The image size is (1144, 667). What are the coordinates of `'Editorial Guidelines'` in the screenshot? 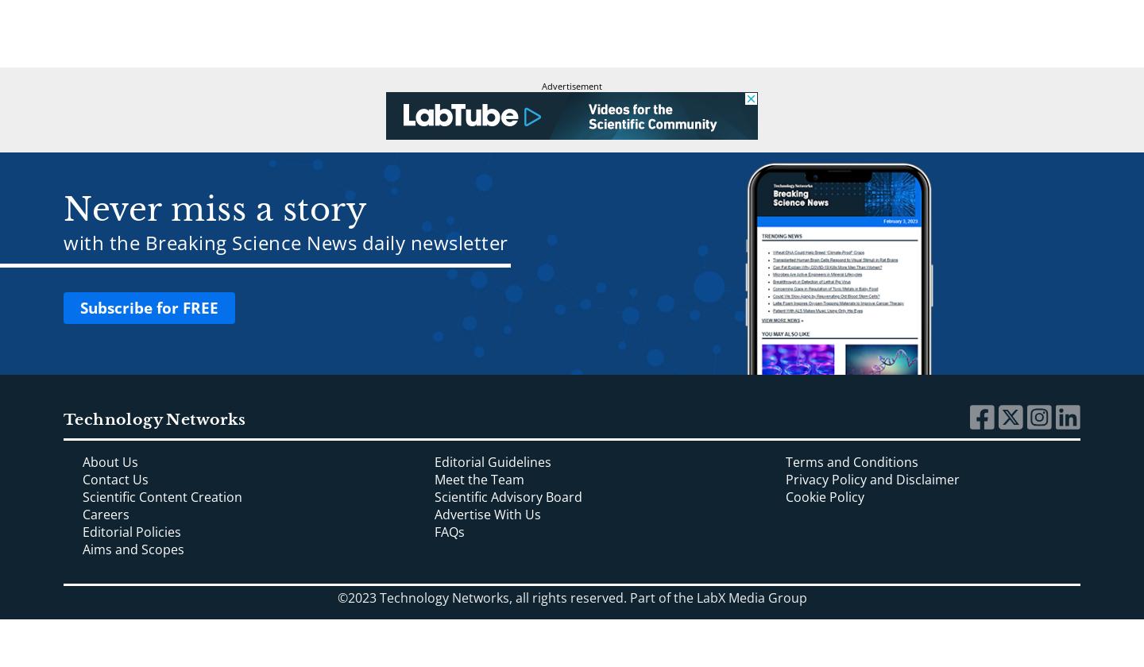 It's located at (491, 461).